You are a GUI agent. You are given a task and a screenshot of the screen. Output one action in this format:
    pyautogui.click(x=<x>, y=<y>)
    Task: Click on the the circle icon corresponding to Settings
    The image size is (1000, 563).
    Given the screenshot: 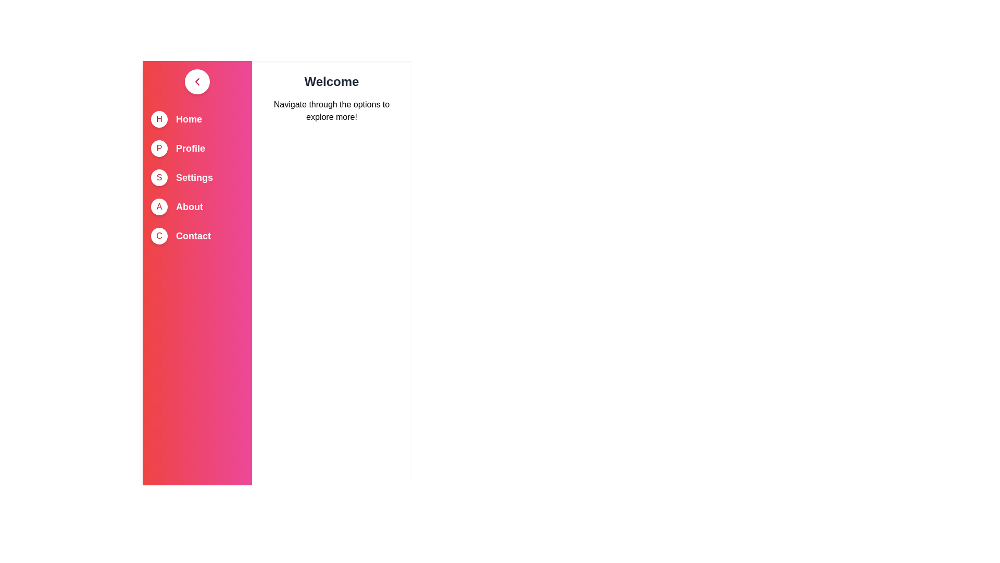 What is the action you would take?
    pyautogui.click(x=159, y=177)
    